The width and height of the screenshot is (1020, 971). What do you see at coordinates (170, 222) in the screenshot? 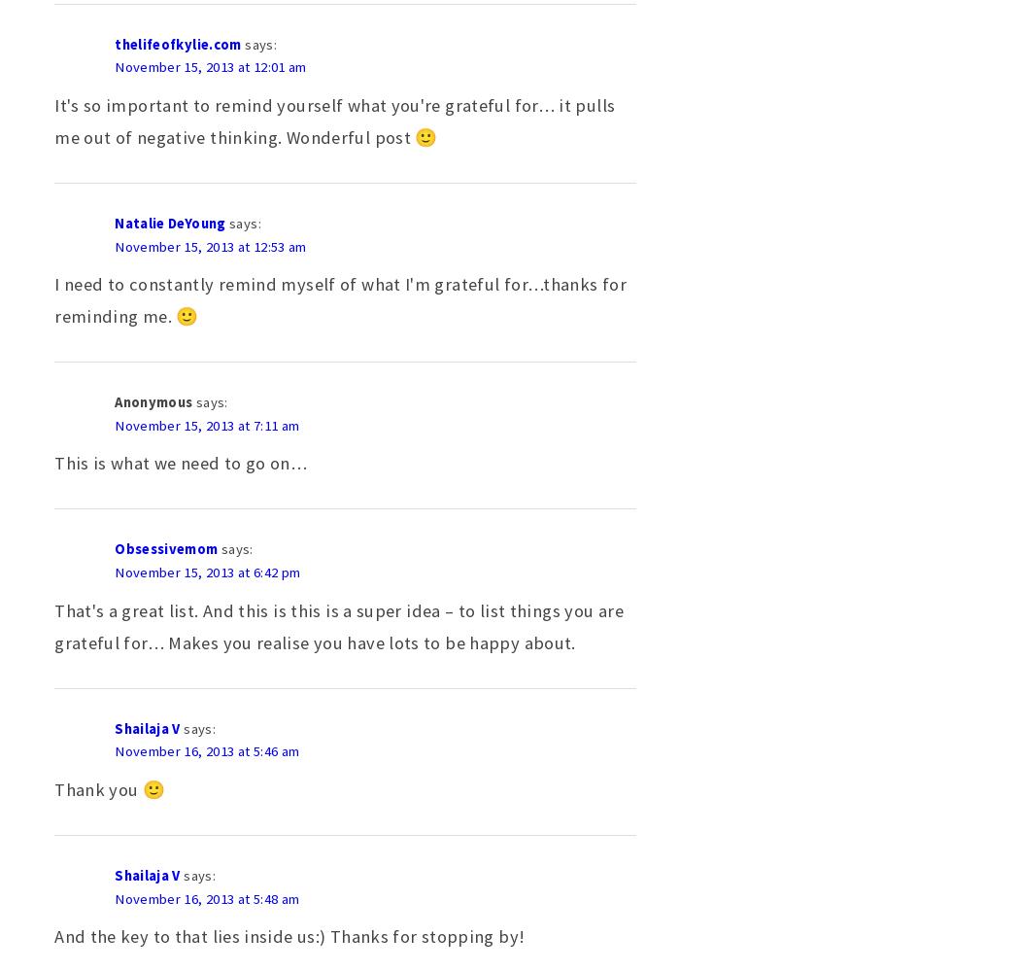
I see `'Natalie DeYoung'` at bounding box center [170, 222].